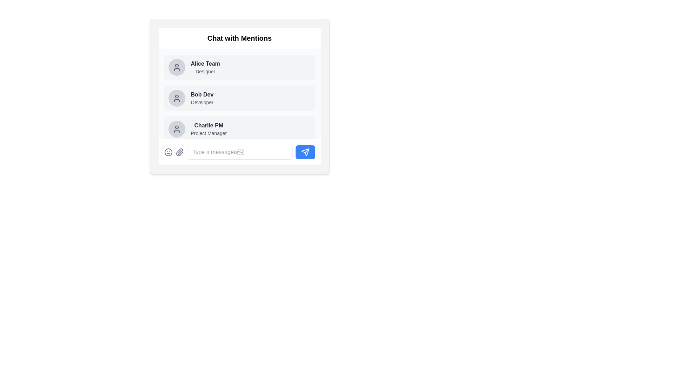 The width and height of the screenshot is (674, 379). Describe the element at coordinates (205, 67) in the screenshot. I see `the 'Alice Team' text label, which displays the name in bold and the role 'Designer' in a smaller font below it` at that location.